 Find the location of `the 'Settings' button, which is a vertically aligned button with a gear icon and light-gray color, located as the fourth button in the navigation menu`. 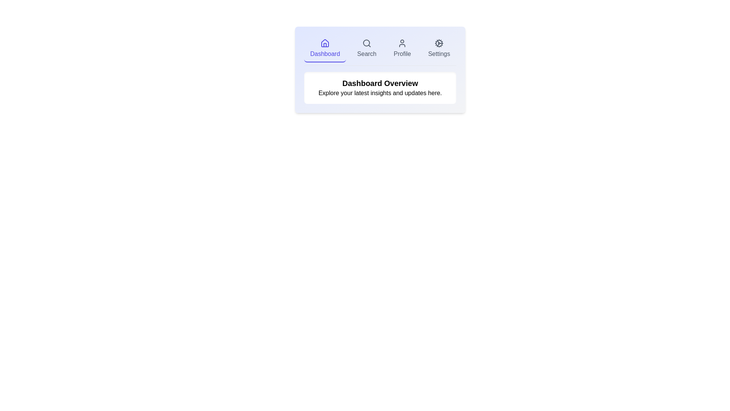

the 'Settings' button, which is a vertically aligned button with a gear icon and light-gray color, located as the fourth button in the navigation menu is located at coordinates (439, 49).